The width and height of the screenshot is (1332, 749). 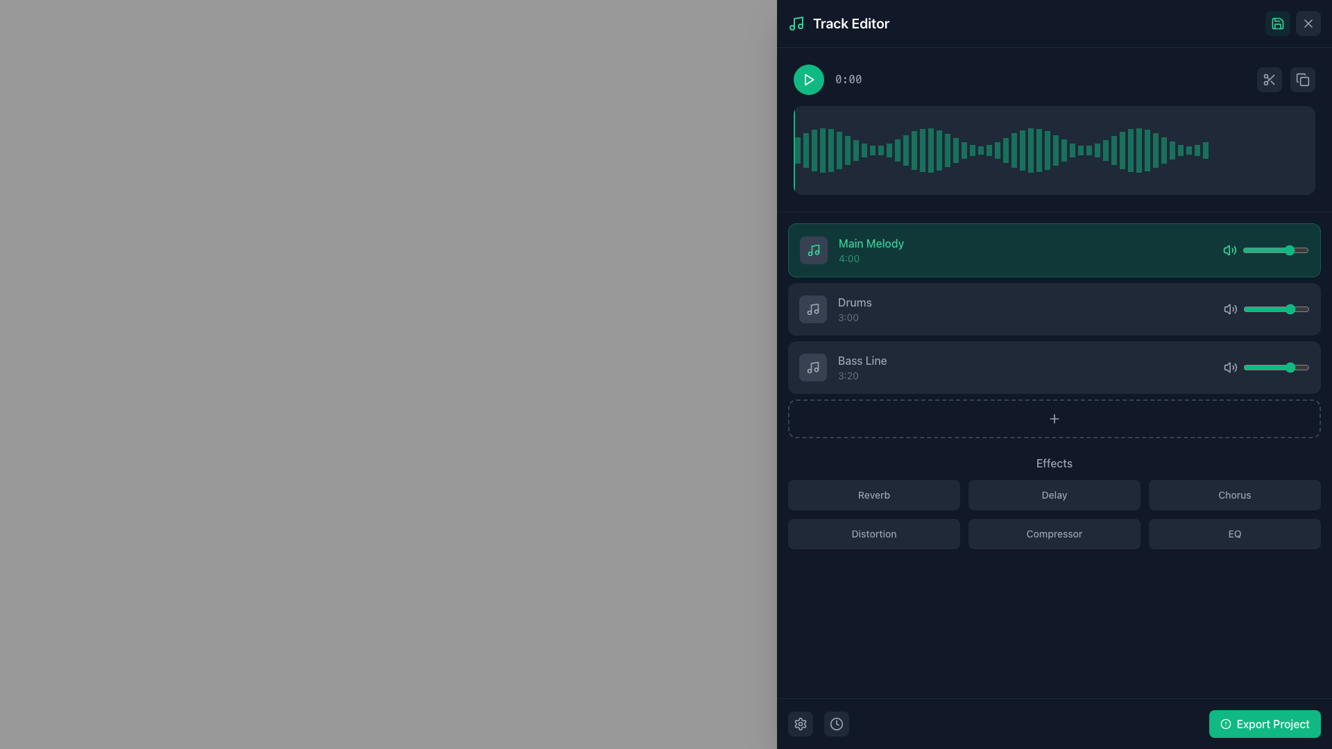 What do you see at coordinates (1048, 150) in the screenshot?
I see `the 32nd visualization marker within the waveform display in the 'Track Editor' module, which indicates a data point in the waveform` at bounding box center [1048, 150].